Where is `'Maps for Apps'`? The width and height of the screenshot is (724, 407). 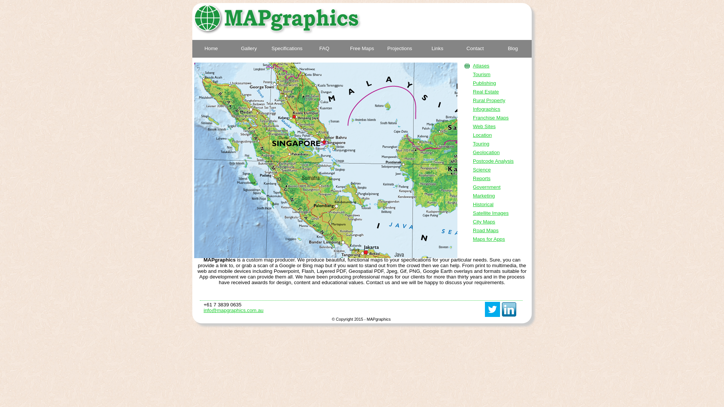
'Maps for Apps' is located at coordinates (489, 239).